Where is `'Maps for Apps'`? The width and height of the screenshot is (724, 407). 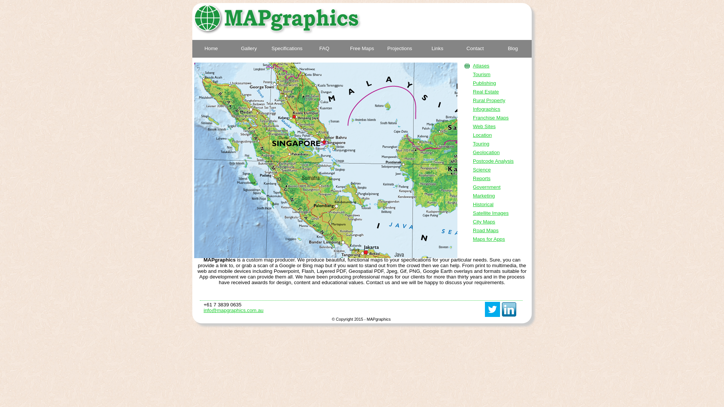
'Maps for Apps' is located at coordinates (489, 239).